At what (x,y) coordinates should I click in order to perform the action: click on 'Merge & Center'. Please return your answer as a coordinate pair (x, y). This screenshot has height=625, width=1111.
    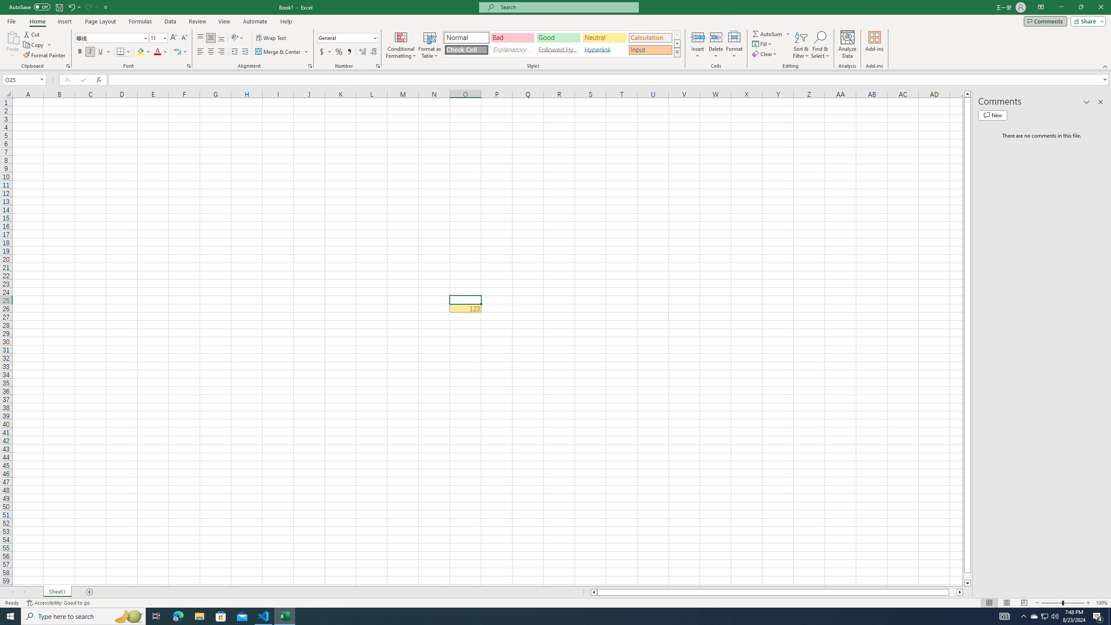
    Looking at the image, I should click on (282, 51).